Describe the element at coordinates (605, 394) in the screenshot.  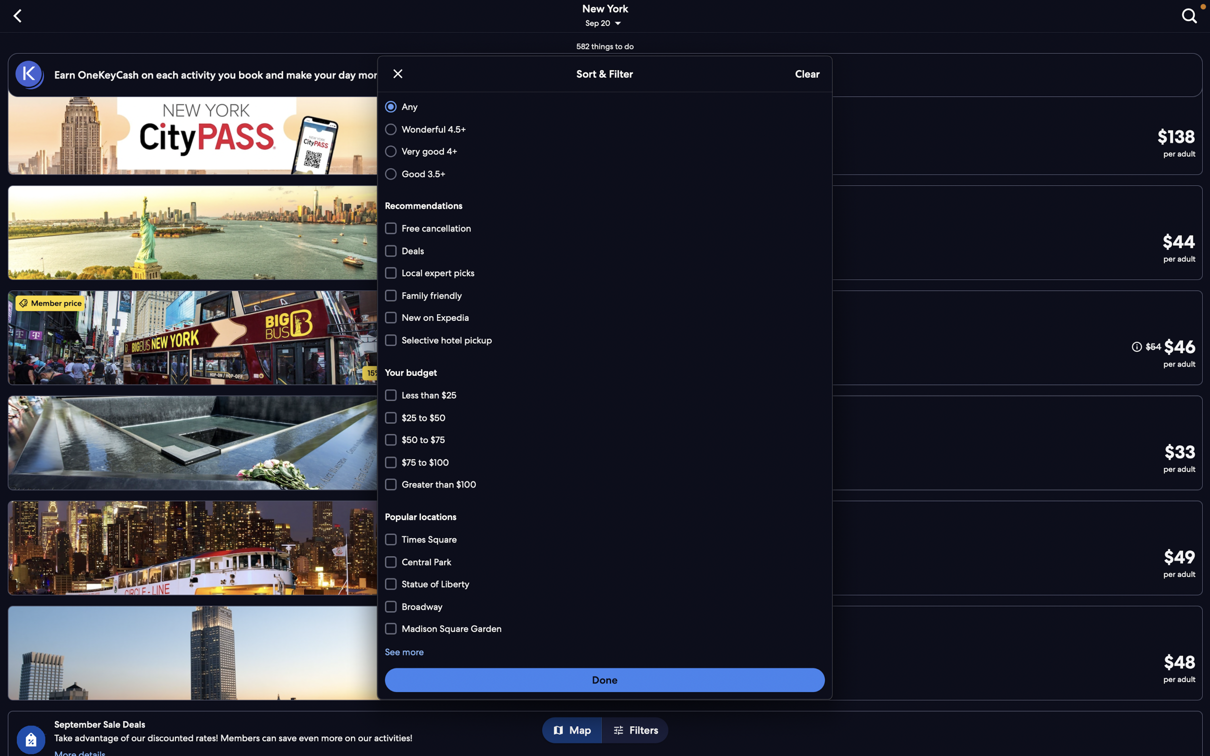
I see `the price range options under $75` at that location.